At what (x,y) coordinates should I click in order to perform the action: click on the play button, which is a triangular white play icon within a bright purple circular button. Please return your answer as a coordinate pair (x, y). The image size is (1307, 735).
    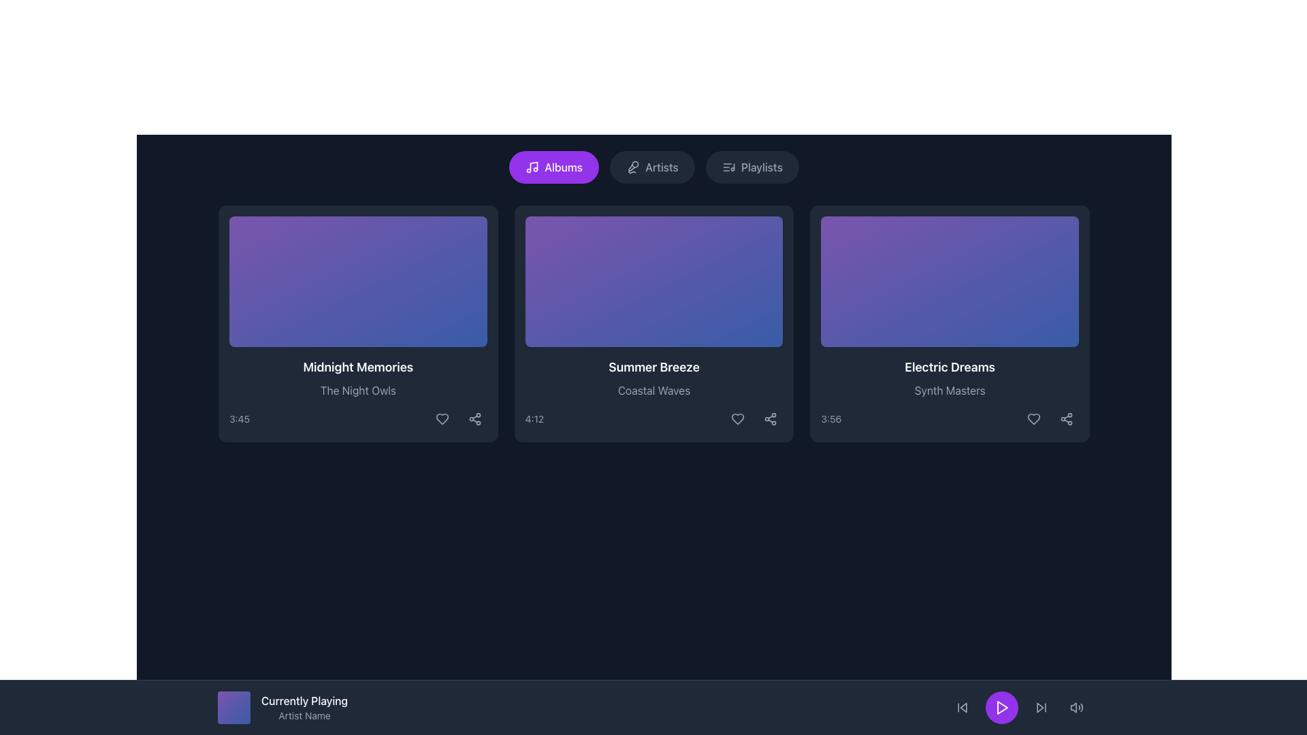
    Looking at the image, I should click on (1003, 707).